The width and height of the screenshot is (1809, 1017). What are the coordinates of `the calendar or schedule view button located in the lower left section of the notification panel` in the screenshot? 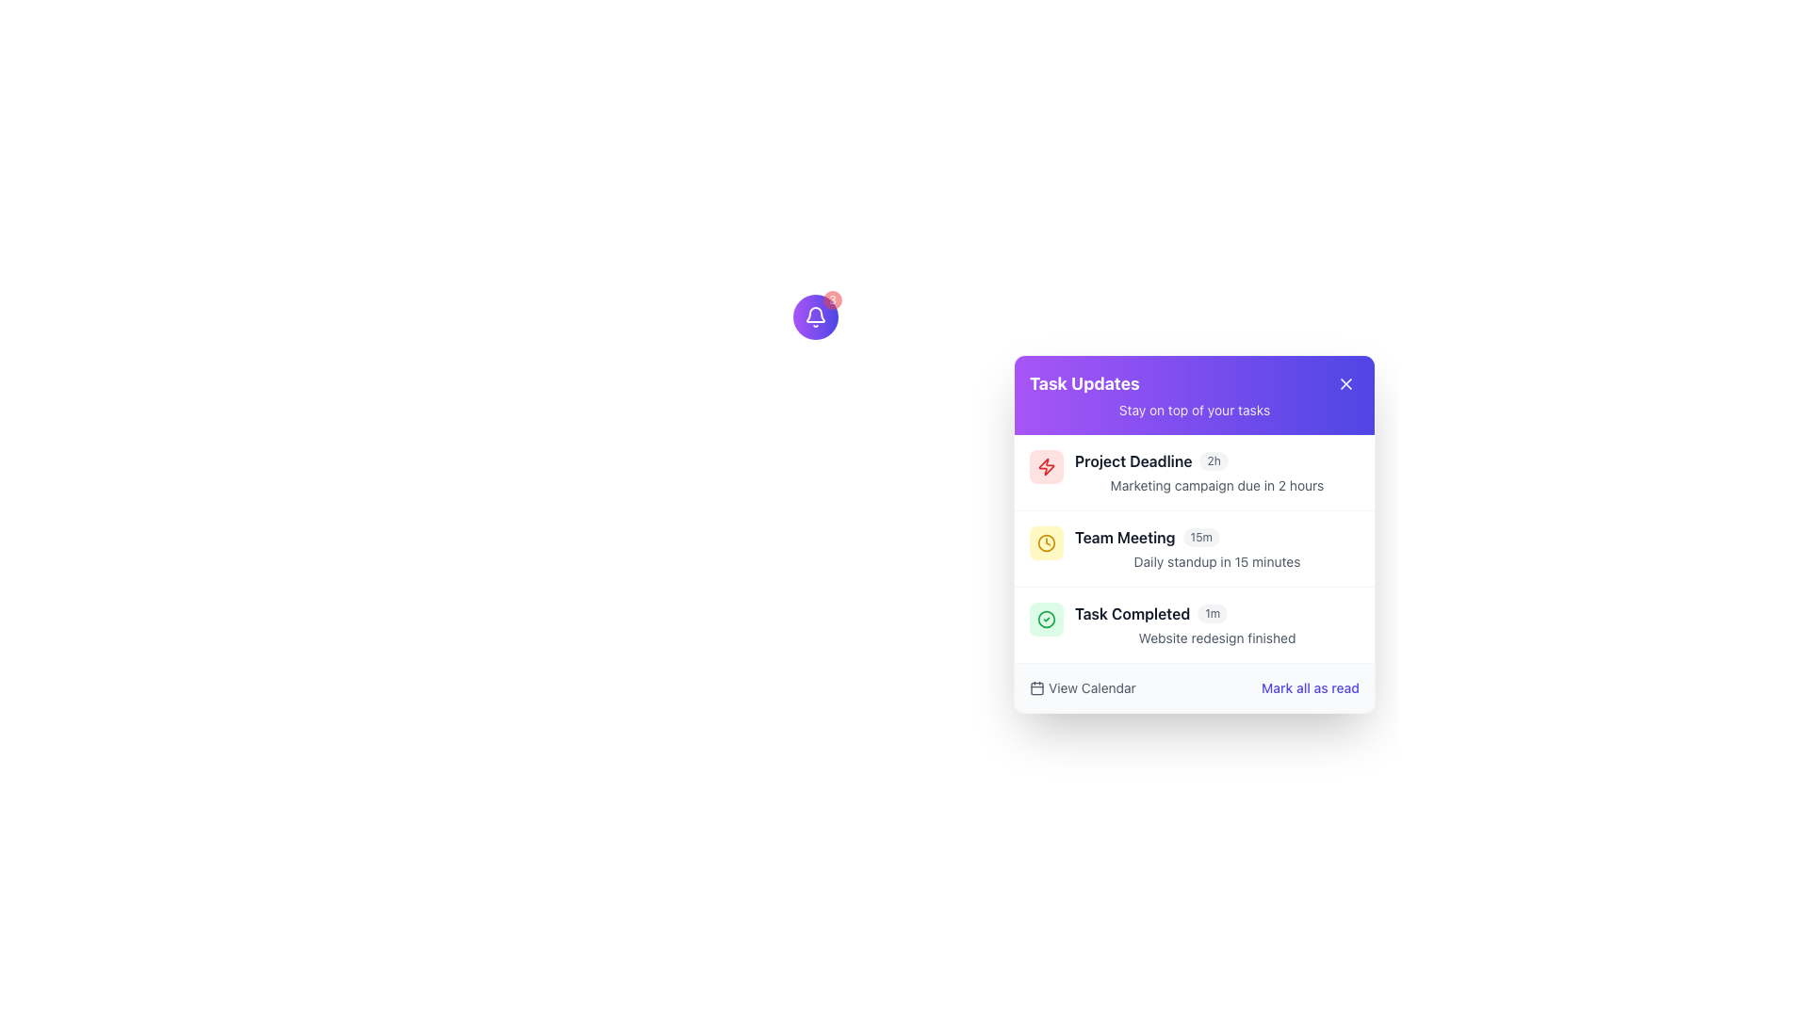 It's located at (1083, 688).